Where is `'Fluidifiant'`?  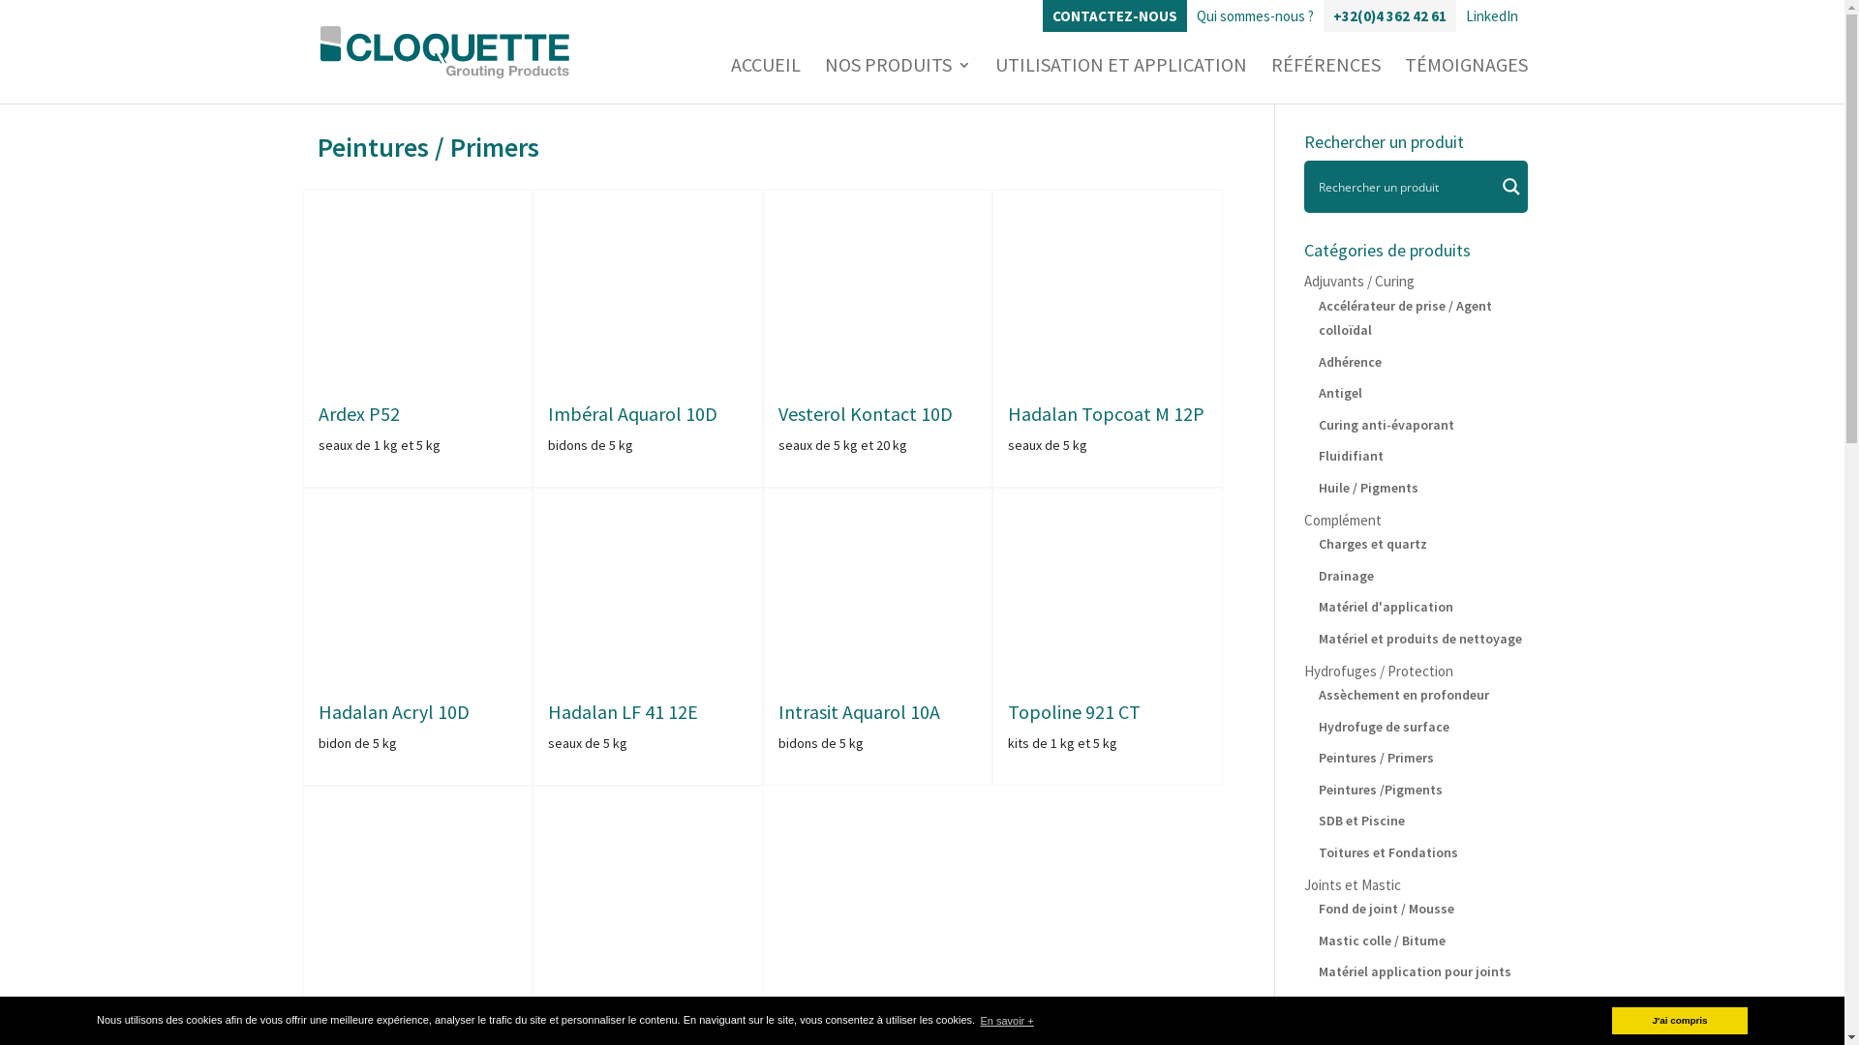
'Fluidifiant' is located at coordinates (1318, 455).